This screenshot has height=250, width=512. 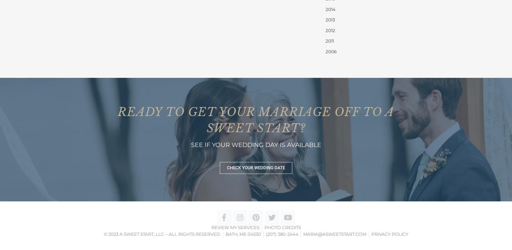 What do you see at coordinates (331, 51) in the screenshot?
I see `'2006'` at bounding box center [331, 51].